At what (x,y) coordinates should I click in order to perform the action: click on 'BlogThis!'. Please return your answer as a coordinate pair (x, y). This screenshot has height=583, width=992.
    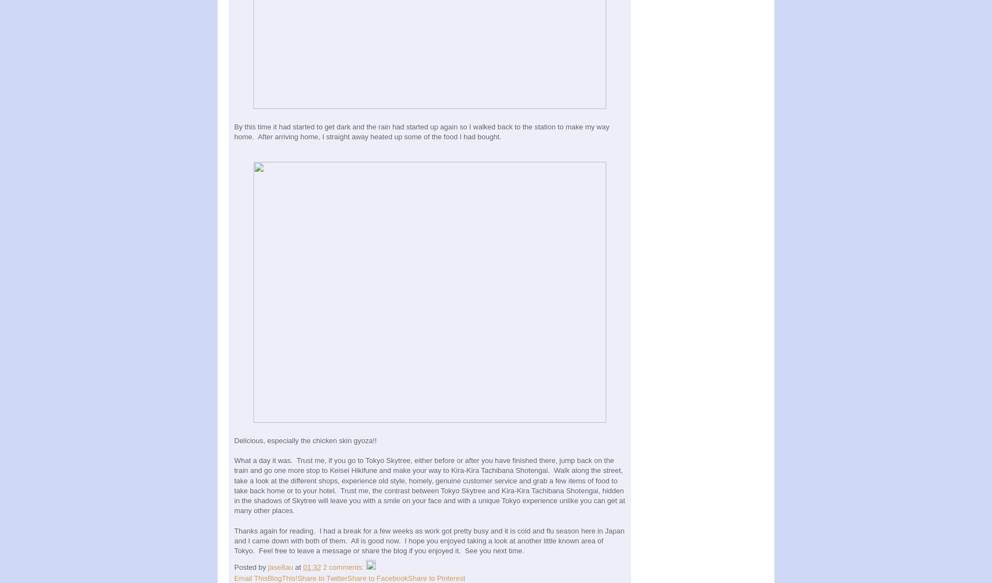
    Looking at the image, I should click on (281, 577).